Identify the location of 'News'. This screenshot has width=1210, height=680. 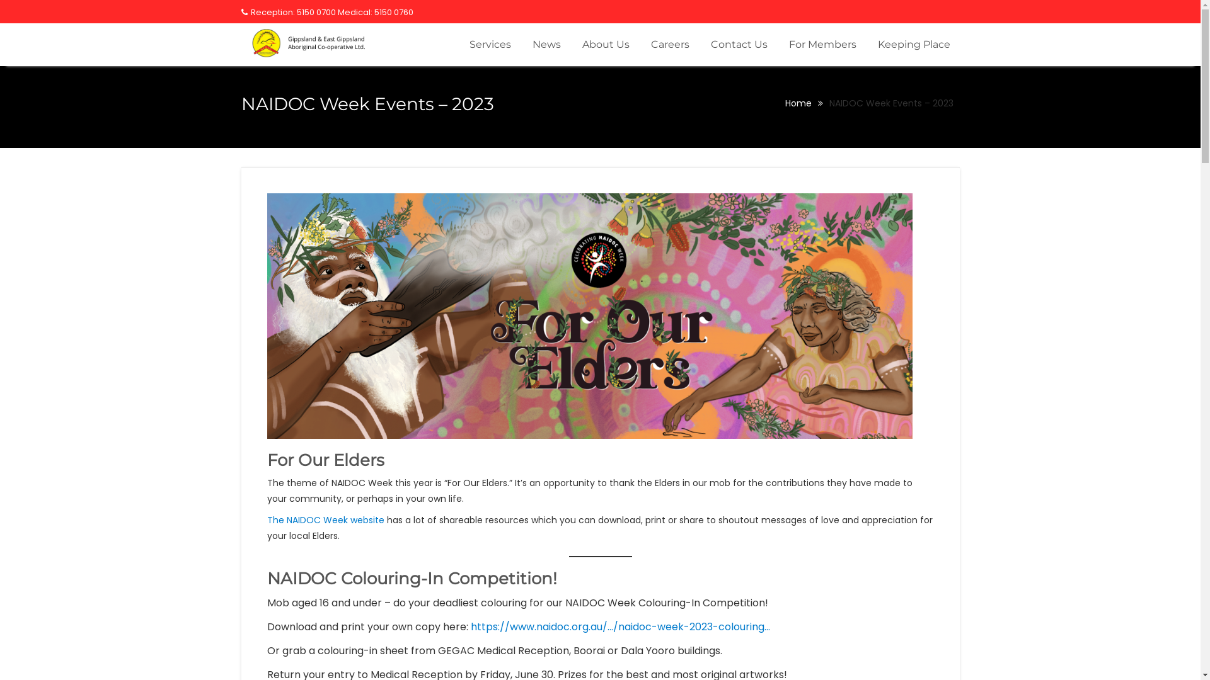
(546, 43).